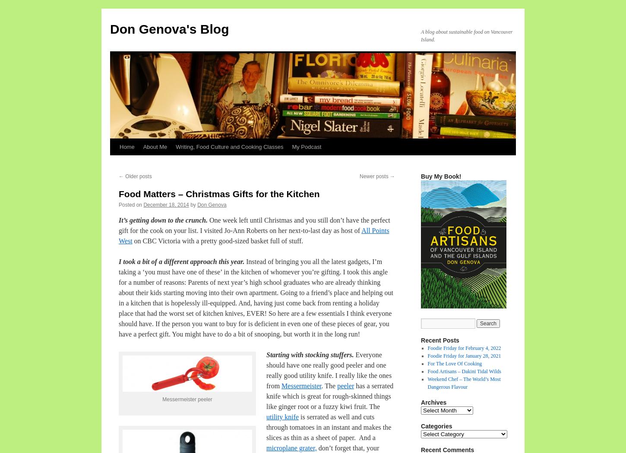 This screenshot has height=453, width=626. I want to click on 'Buy My Book!', so click(441, 176).